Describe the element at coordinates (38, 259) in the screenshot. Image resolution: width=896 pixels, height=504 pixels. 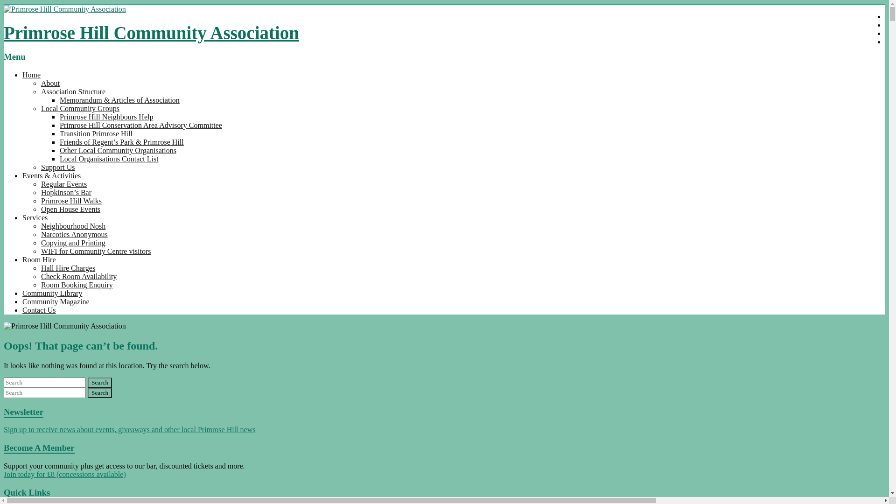
I see `'Room Hire'` at that location.